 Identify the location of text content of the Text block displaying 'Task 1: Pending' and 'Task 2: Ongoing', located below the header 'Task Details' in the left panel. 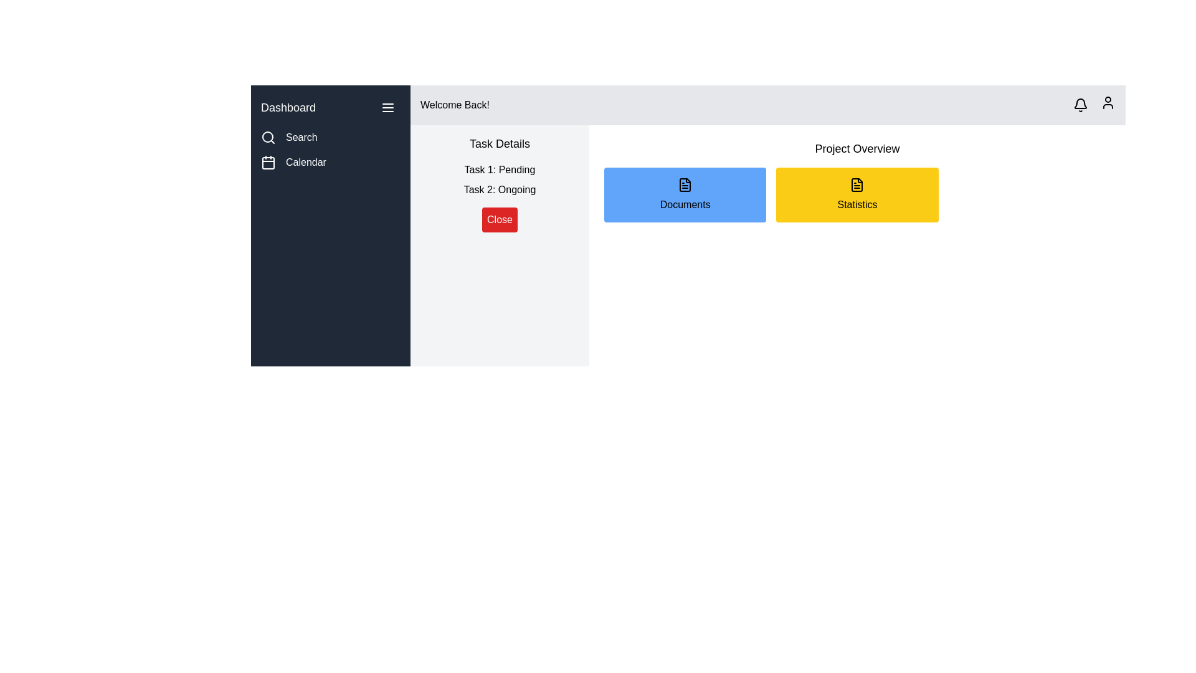
(500, 180).